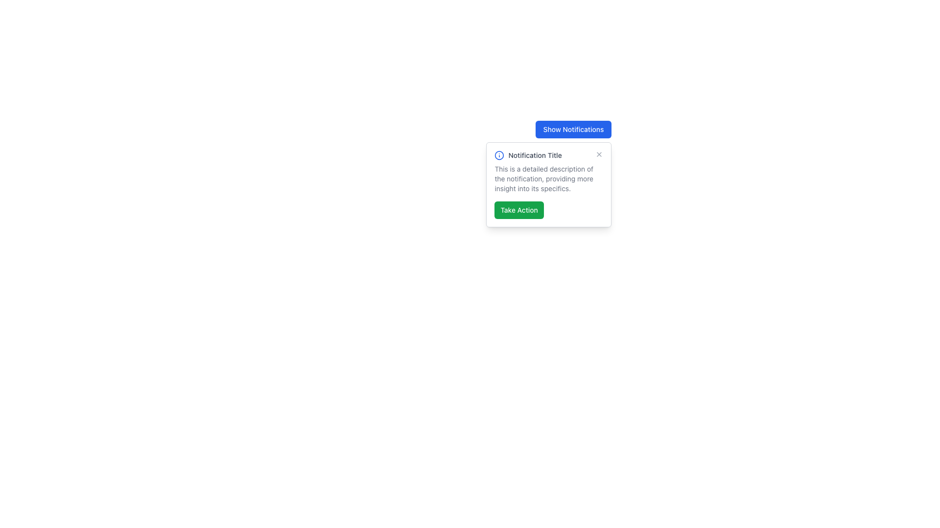  What do you see at coordinates (499, 154) in the screenshot?
I see `the information icon located within the notification card, to the left of the title 'Notification Title'` at bounding box center [499, 154].